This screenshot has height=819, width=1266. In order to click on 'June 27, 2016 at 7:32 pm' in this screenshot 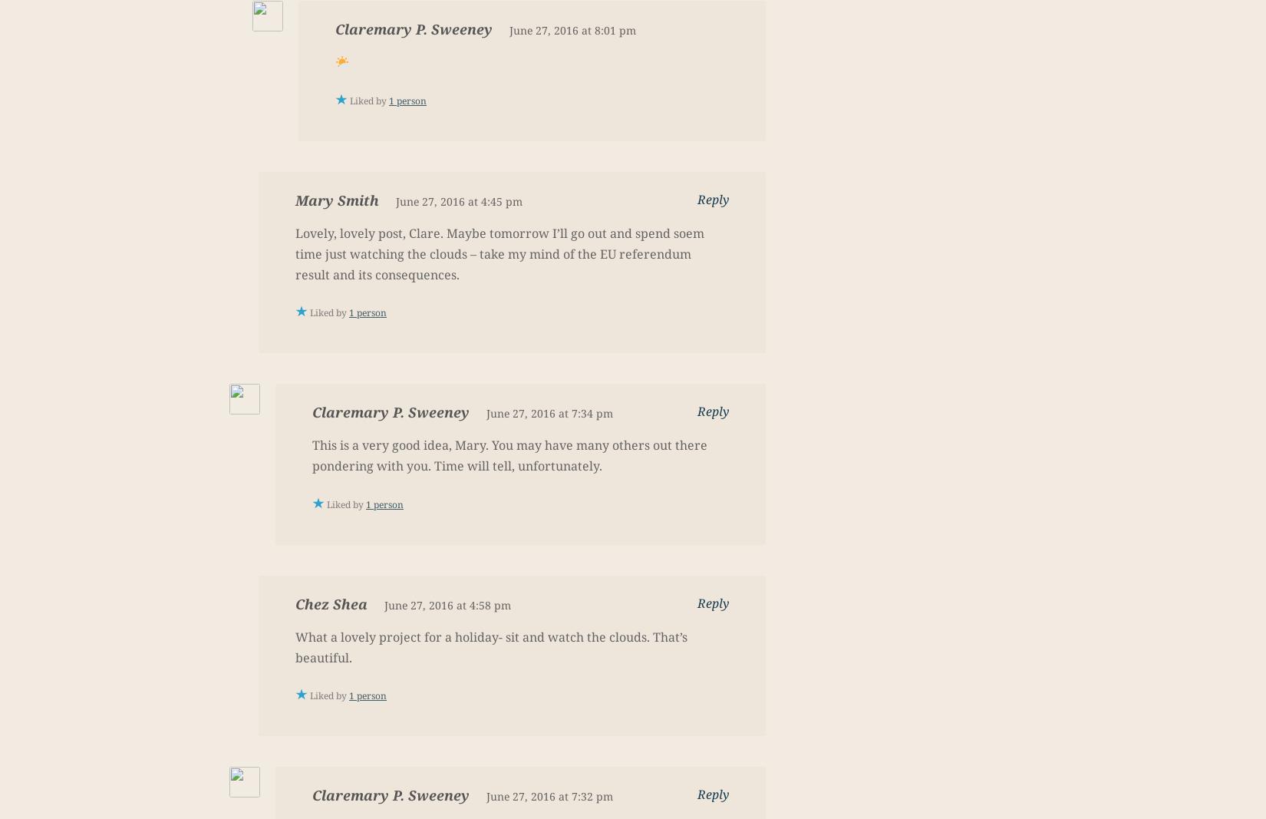, I will do `click(549, 795)`.